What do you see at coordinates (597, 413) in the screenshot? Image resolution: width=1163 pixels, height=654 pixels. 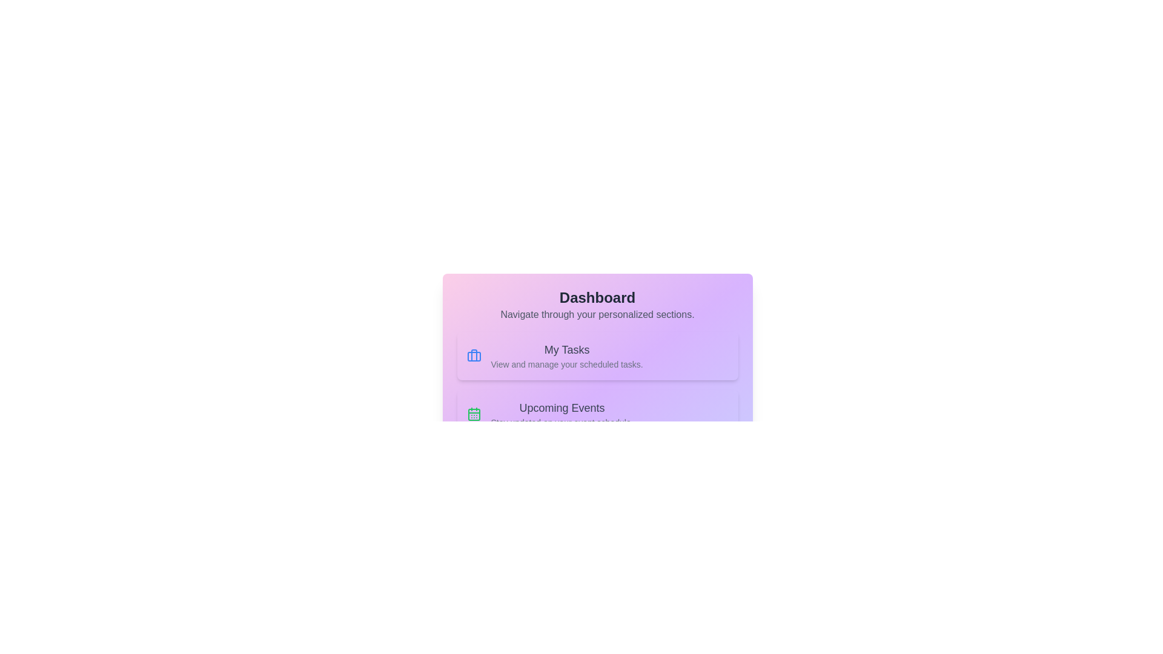 I see `the section titled Upcoming Events to scale it` at bounding box center [597, 413].